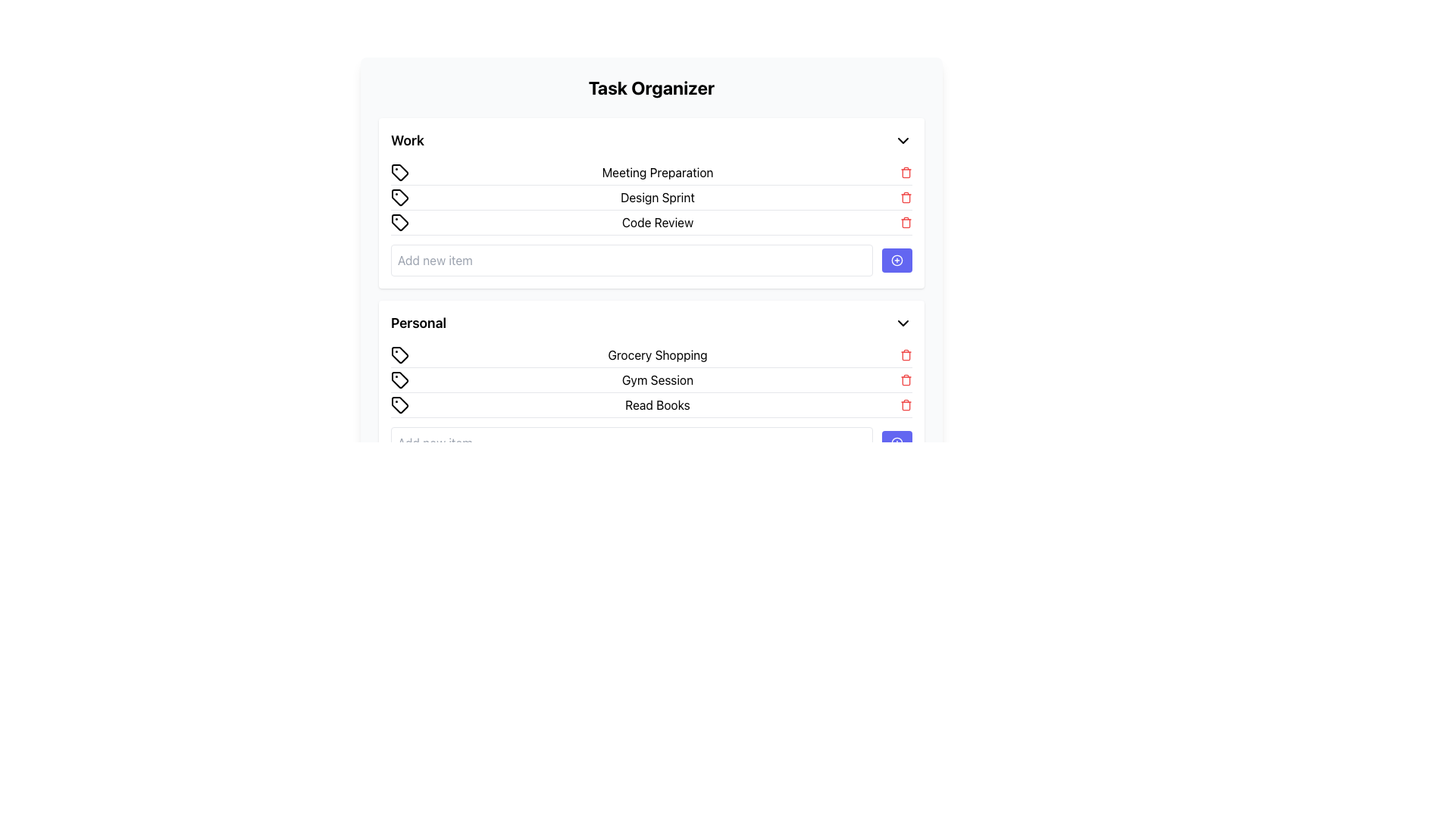  What do you see at coordinates (903, 323) in the screenshot?
I see `the dropdown icon located at the far-right end of the 'Personal' header row` at bounding box center [903, 323].